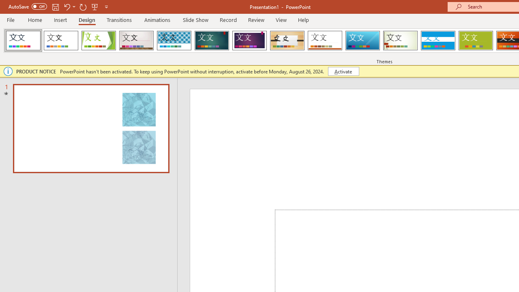 The height and width of the screenshot is (292, 519). What do you see at coordinates (476, 41) in the screenshot?
I see `'Basis'` at bounding box center [476, 41].